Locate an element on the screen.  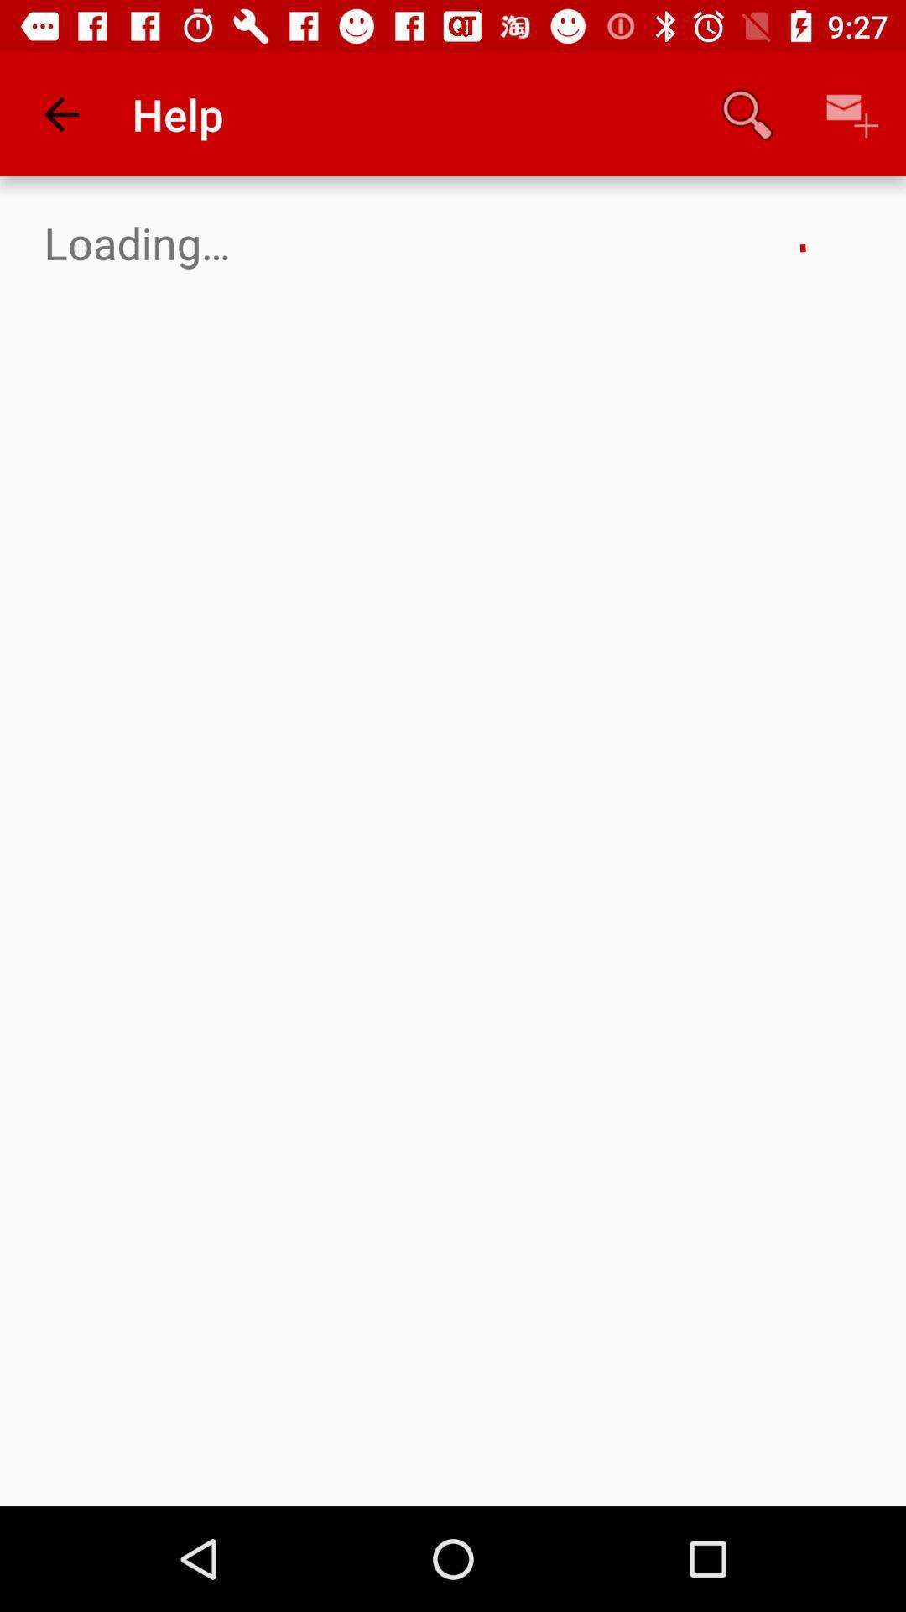
app to the left of the help item is located at coordinates (60, 113).